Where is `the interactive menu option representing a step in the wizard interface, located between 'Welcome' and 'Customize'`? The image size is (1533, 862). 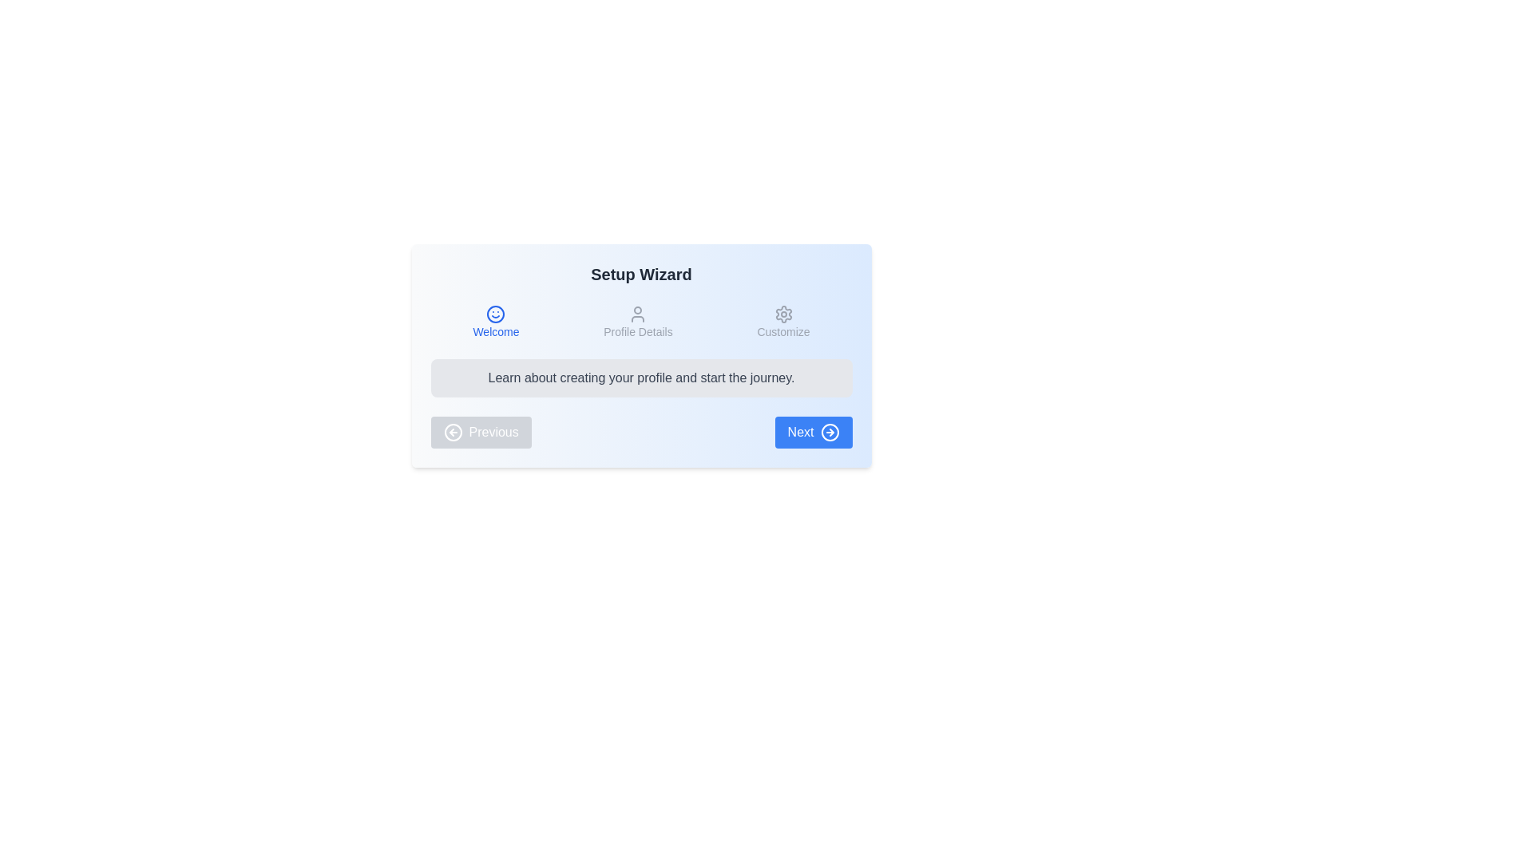 the interactive menu option representing a step in the wizard interface, located between 'Welcome' and 'Customize' is located at coordinates (637, 322).